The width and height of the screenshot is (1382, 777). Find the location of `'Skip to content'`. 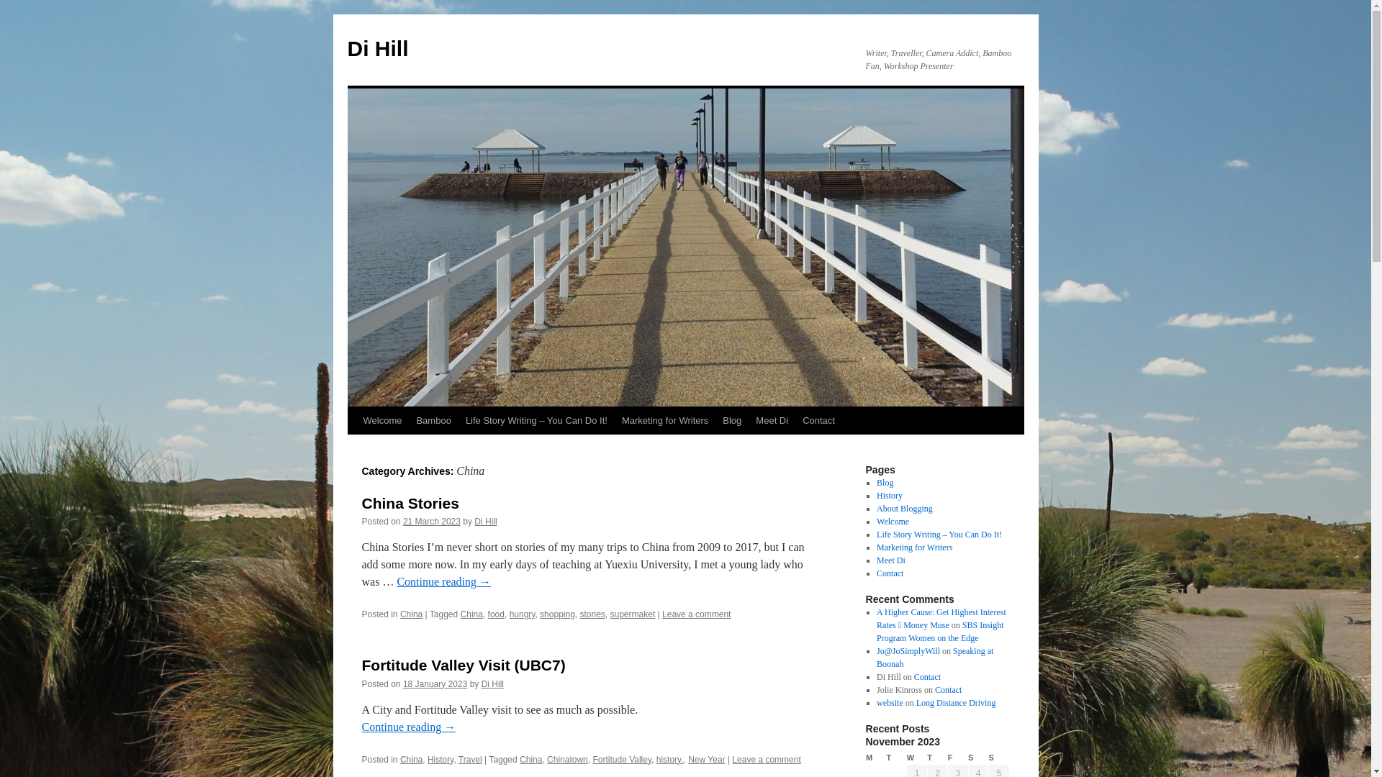

'Skip to content' is located at coordinates (353, 446).